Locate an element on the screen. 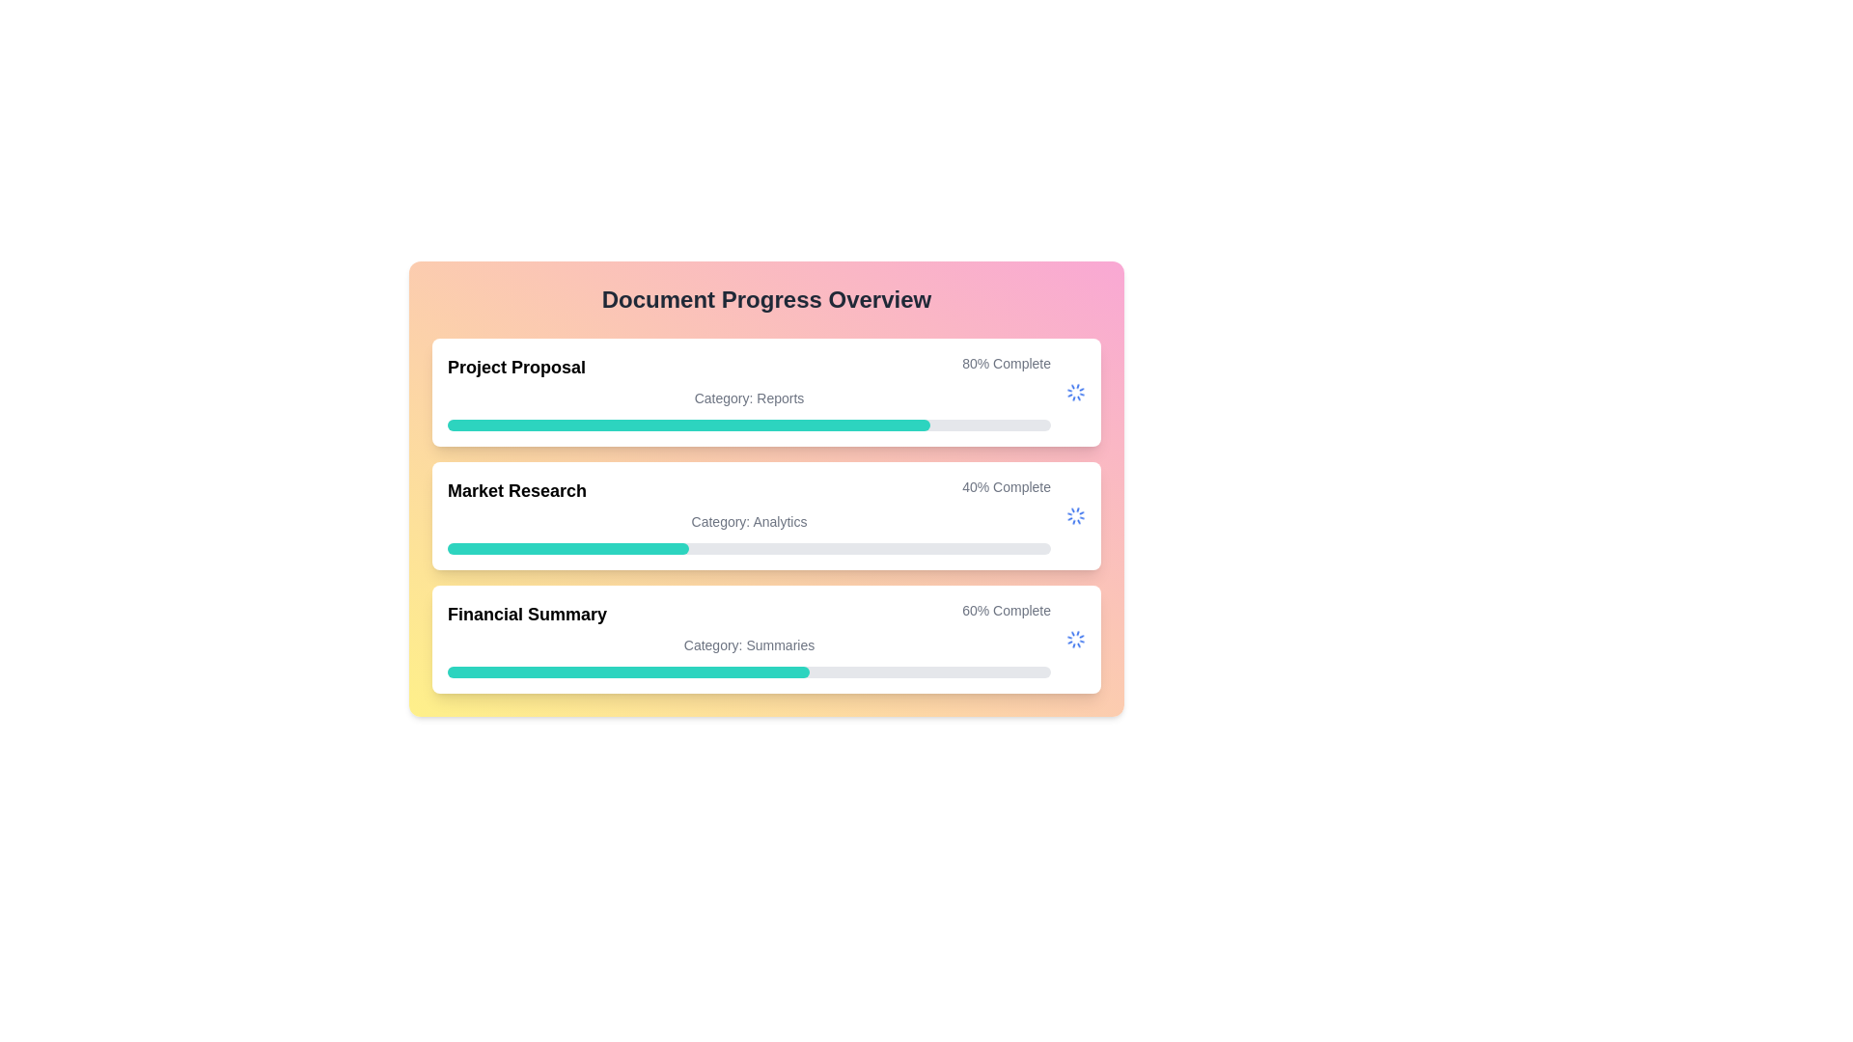 The image size is (1853, 1042). the first progress bar located below the text 'Category: Reports' in the 'Project Proposal' section, which shows 80% completion is located at coordinates (748, 424).